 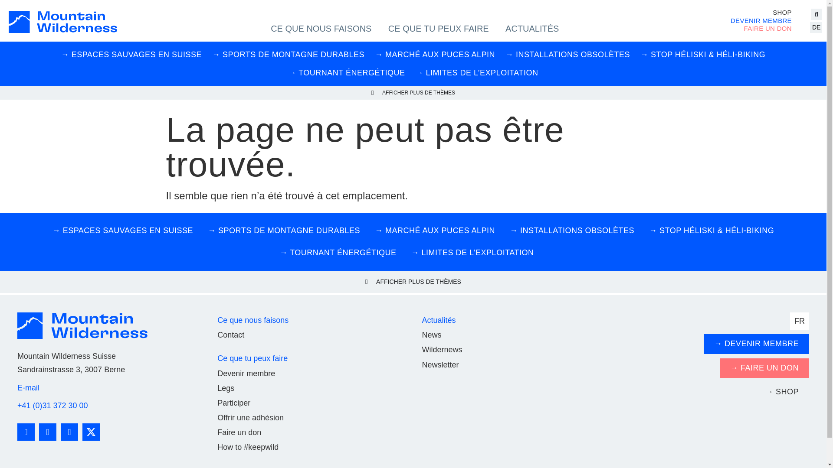 I want to click on 'Ce que tu peux faire', so click(x=217, y=358).